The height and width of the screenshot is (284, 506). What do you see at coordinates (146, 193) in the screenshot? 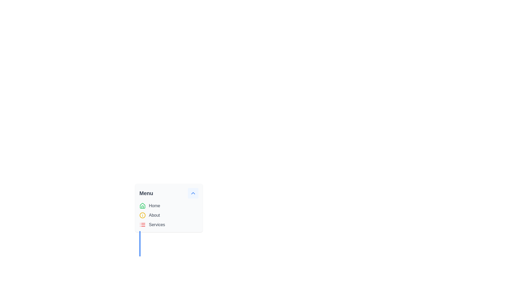
I see `the static text label 'Menu' that identifies the dropdown menu context, located at the top-left of the dropdown interface` at bounding box center [146, 193].